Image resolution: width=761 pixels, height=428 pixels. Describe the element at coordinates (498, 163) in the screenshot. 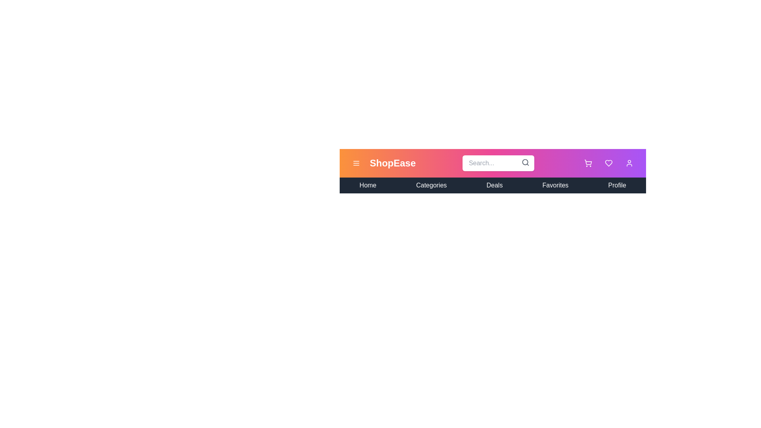

I see `the search bar and type the search term` at that location.